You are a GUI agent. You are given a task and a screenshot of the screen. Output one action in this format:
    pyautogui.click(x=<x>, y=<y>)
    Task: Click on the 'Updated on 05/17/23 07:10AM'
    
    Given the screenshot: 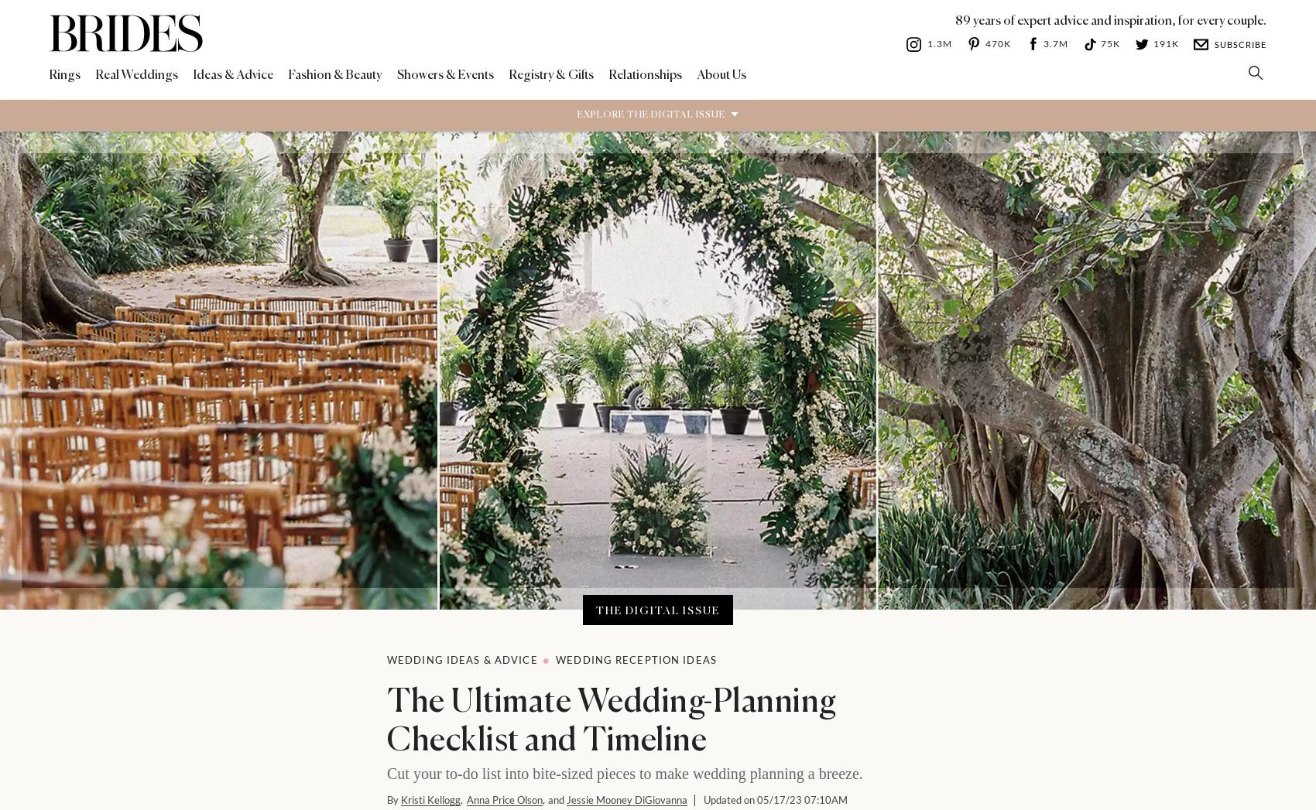 What is the action you would take?
    pyautogui.click(x=773, y=798)
    